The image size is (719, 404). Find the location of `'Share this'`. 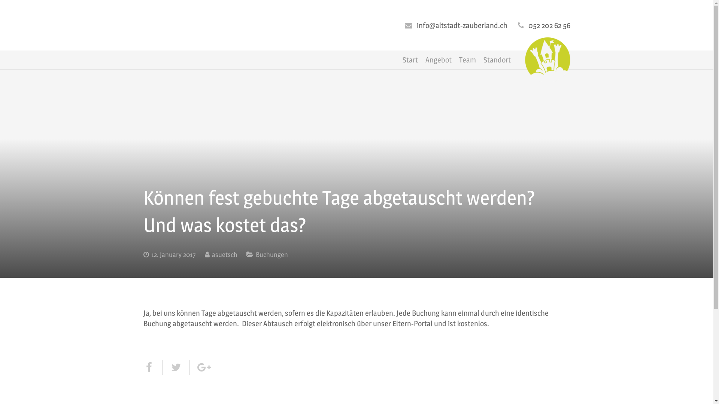

'Share this' is located at coordinates (152, 367).